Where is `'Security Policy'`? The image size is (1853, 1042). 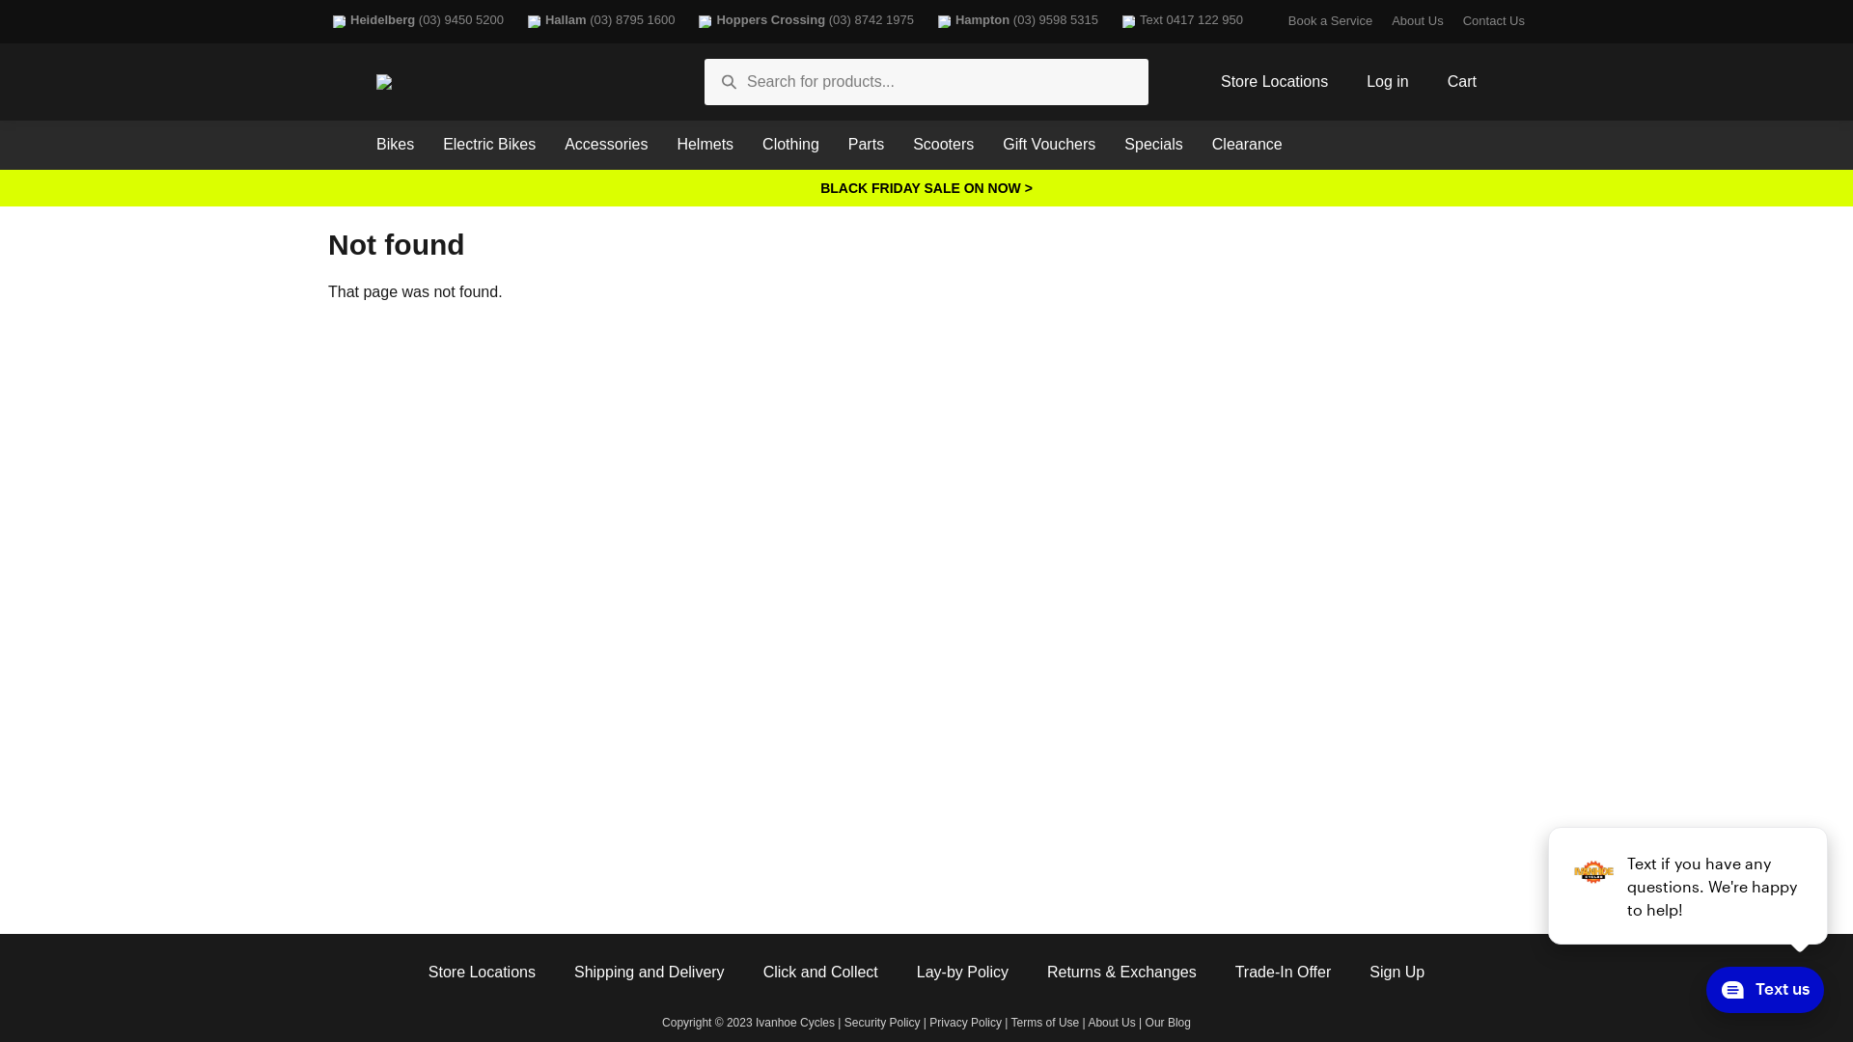
'Security Policy' is located at coordinates (881, 1022).